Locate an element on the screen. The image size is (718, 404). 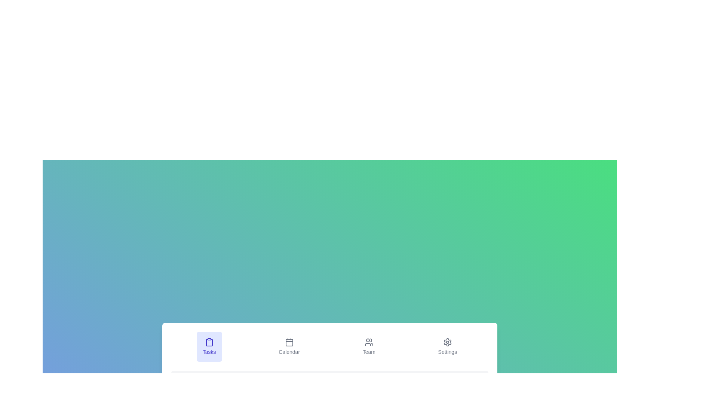
the navigation button located between 'Tasks' and 'Team' to trigger visual feedback is located at coordinates (289, 346).